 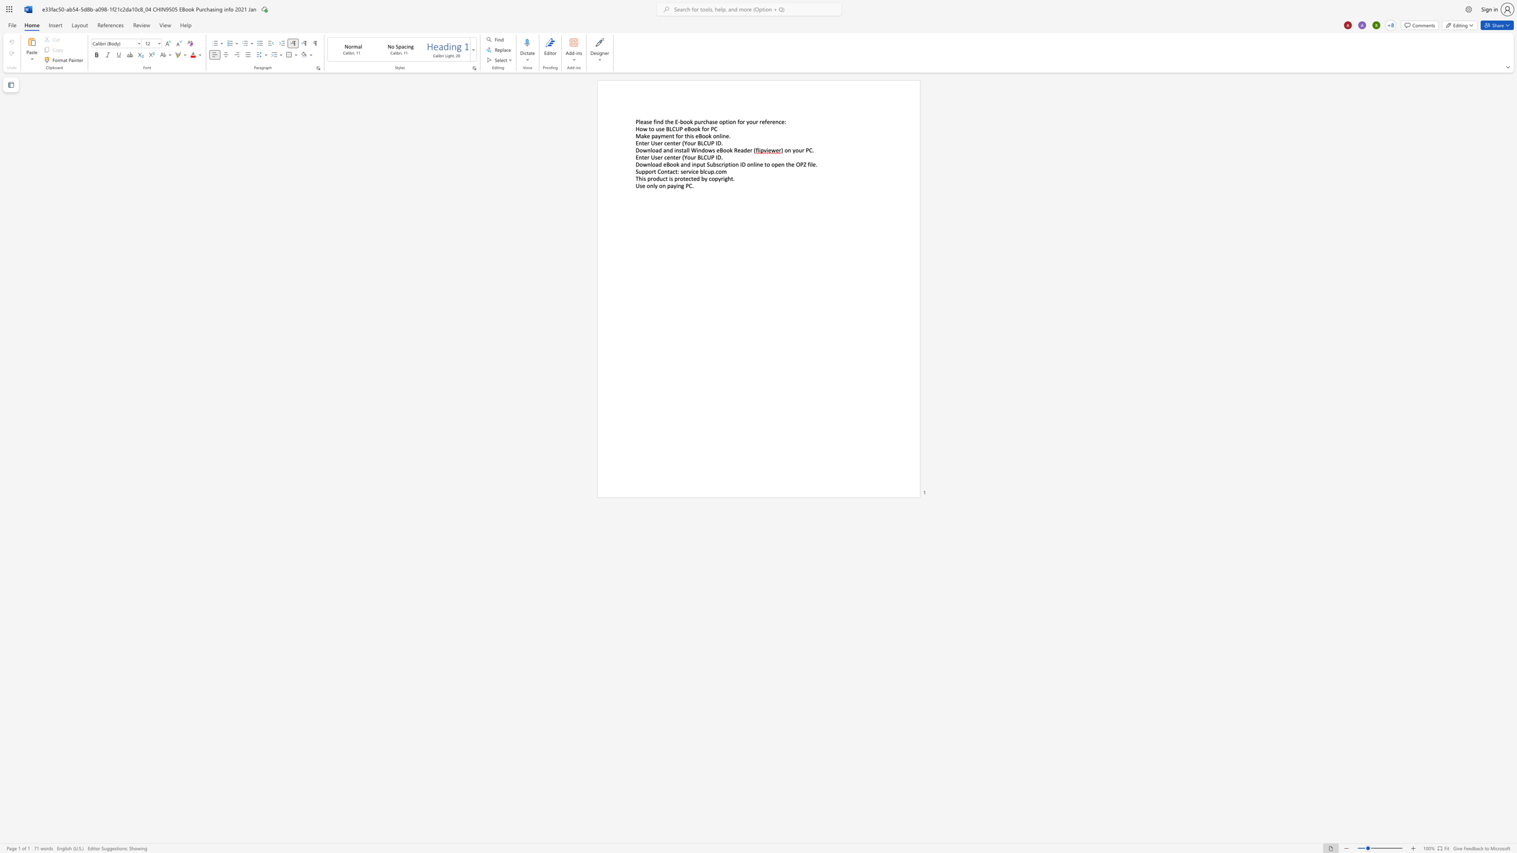 I want to click on the 1th character "u" in the text, so click(x=657, y=128).